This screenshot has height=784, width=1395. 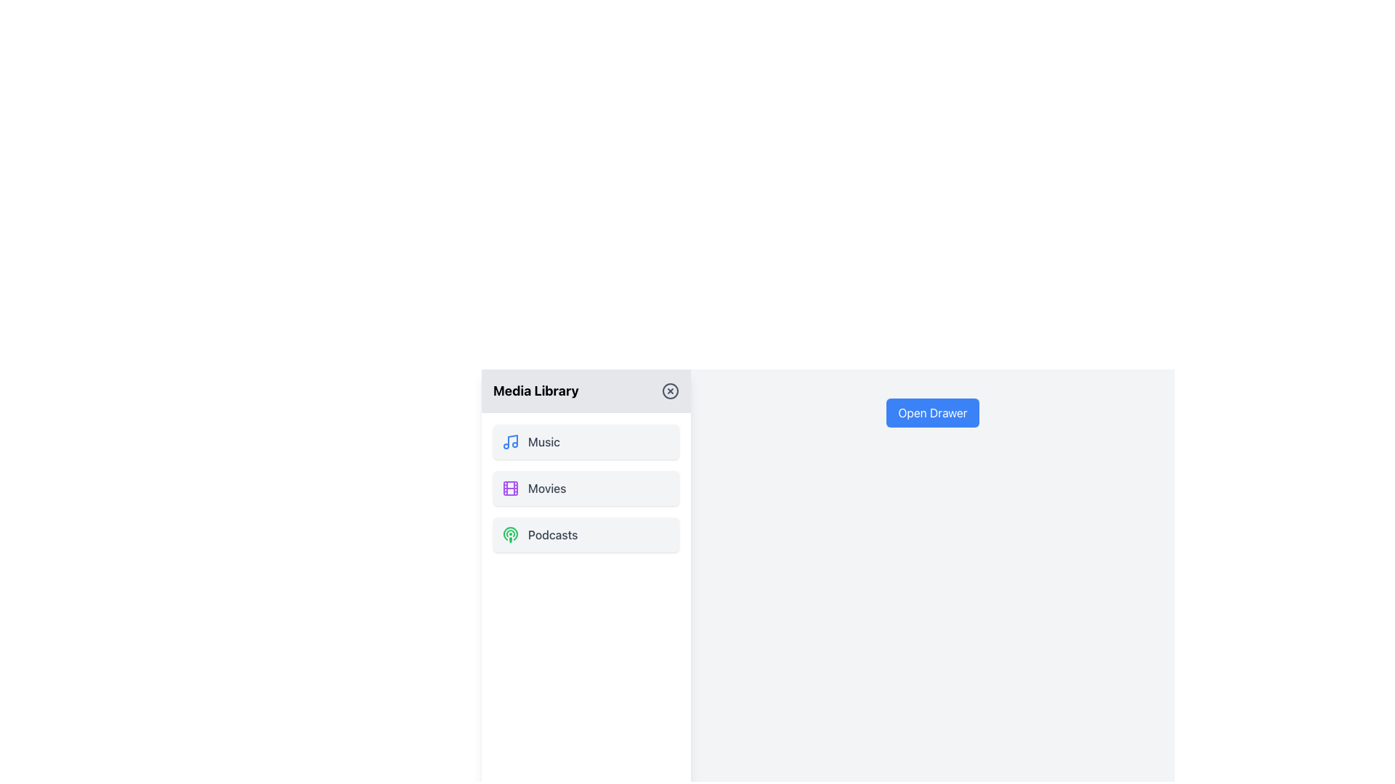 What do you see at coordinates (546, 488) in the screenshot?
I see `the 'Movies' text label, which is styled with a medium weight font in gray color, located in the left panel under 'Media Library', adjacent to 'Music' and 'Podcasts'` at bounding box center [546, 488].